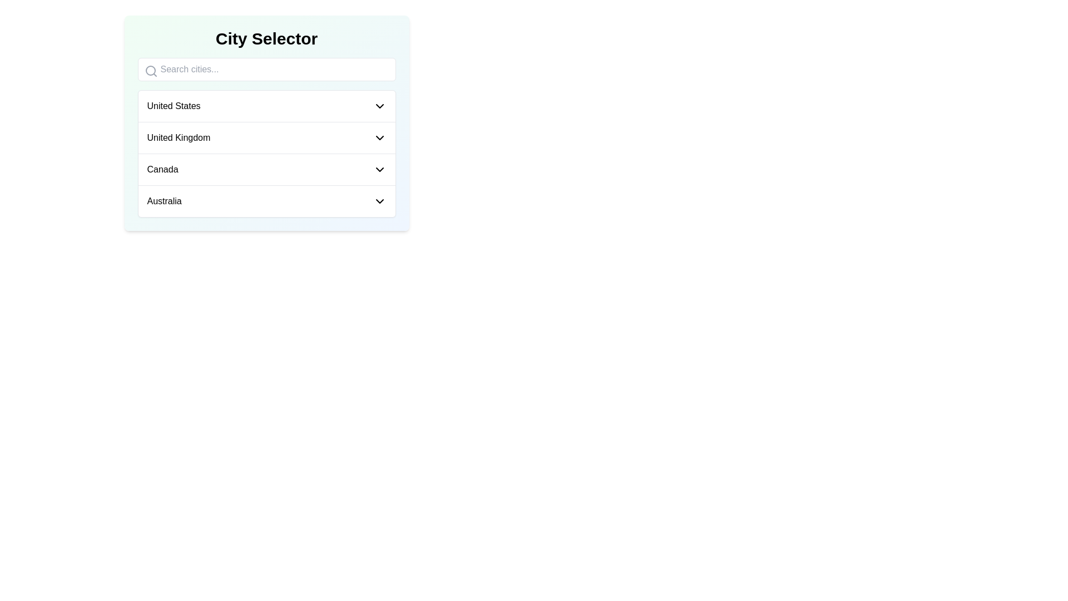 The height and width of the screenshot is (601, 1068). Describe the element at coordinates (379, 201) in the screenshot. I see `the Dropdown toggle icon located in the far-right section of the row containing the text 'Australia'` at that location.